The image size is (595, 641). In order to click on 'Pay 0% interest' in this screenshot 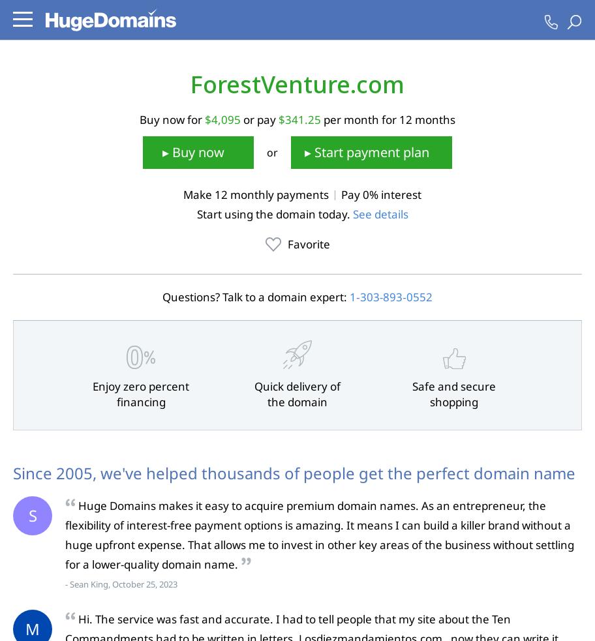, I will do `click(380, 194)`.